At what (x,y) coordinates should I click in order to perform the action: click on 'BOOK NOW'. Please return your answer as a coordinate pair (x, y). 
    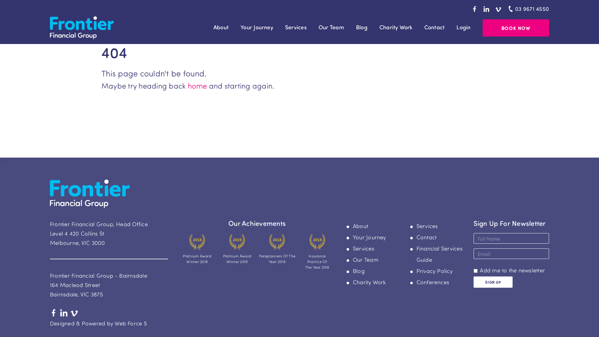
    Looking at the image, I should click on (516, 27).